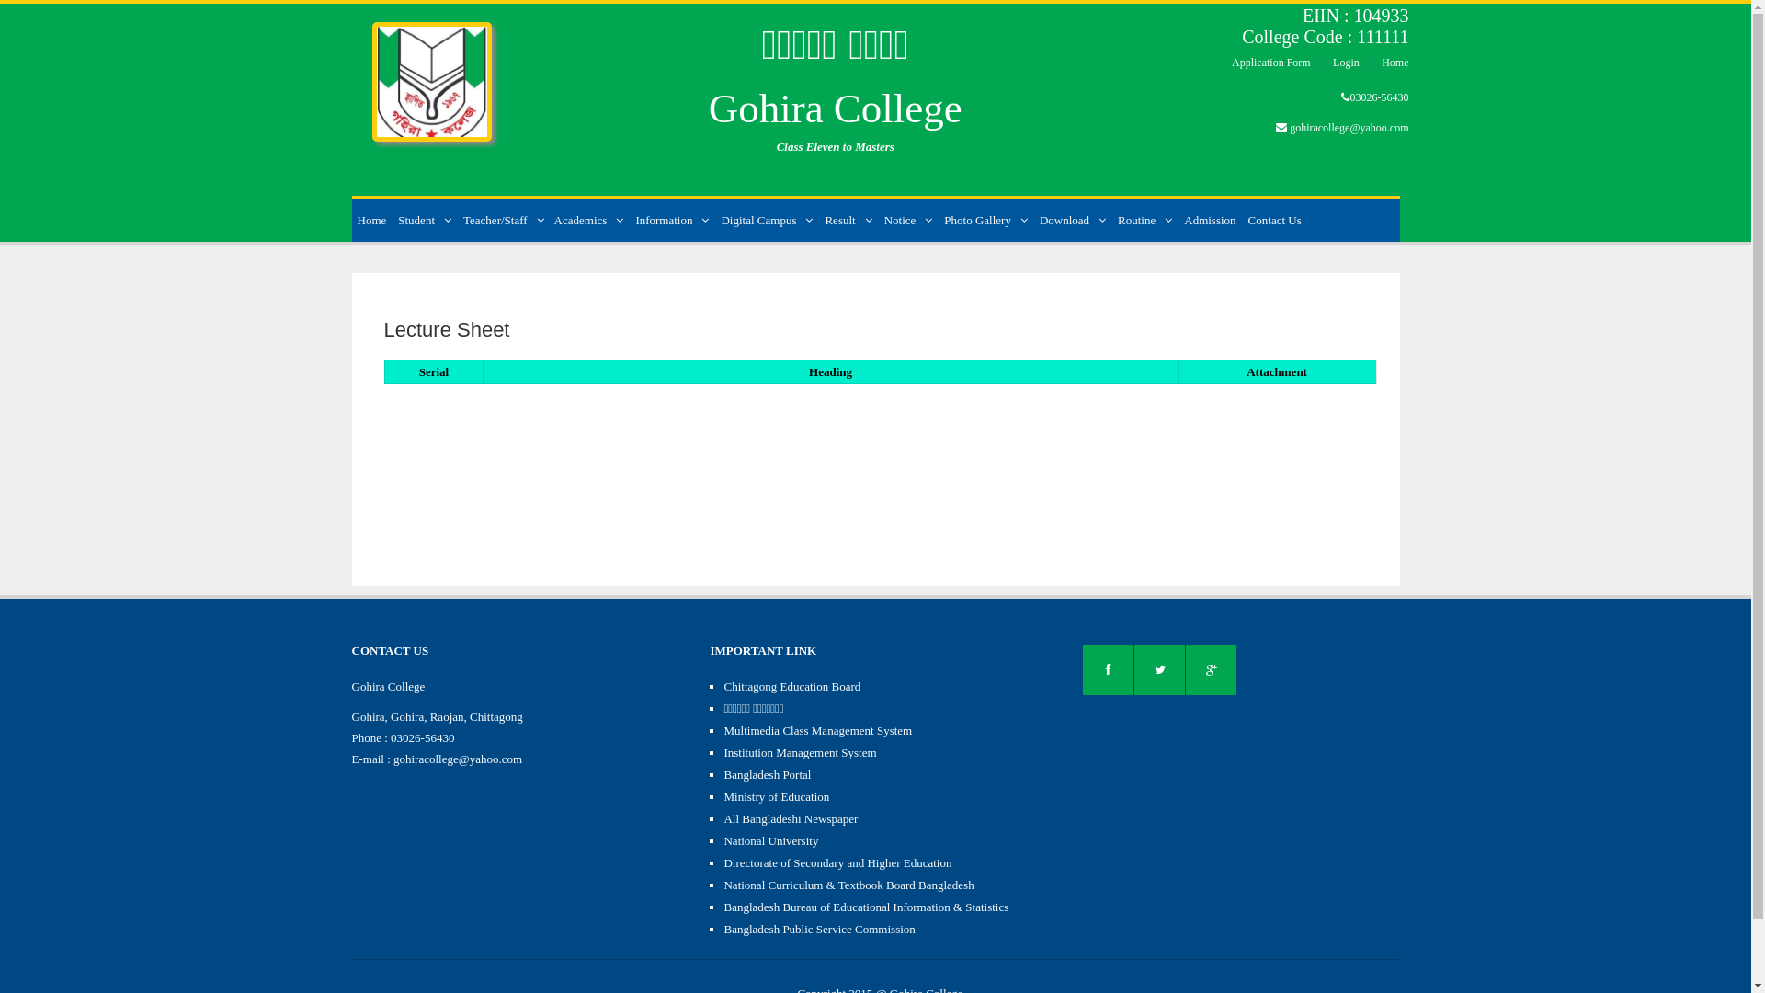  Describe the element at coordinates (1209, 219) in the screenshot. I see `'Admission'` at that location.